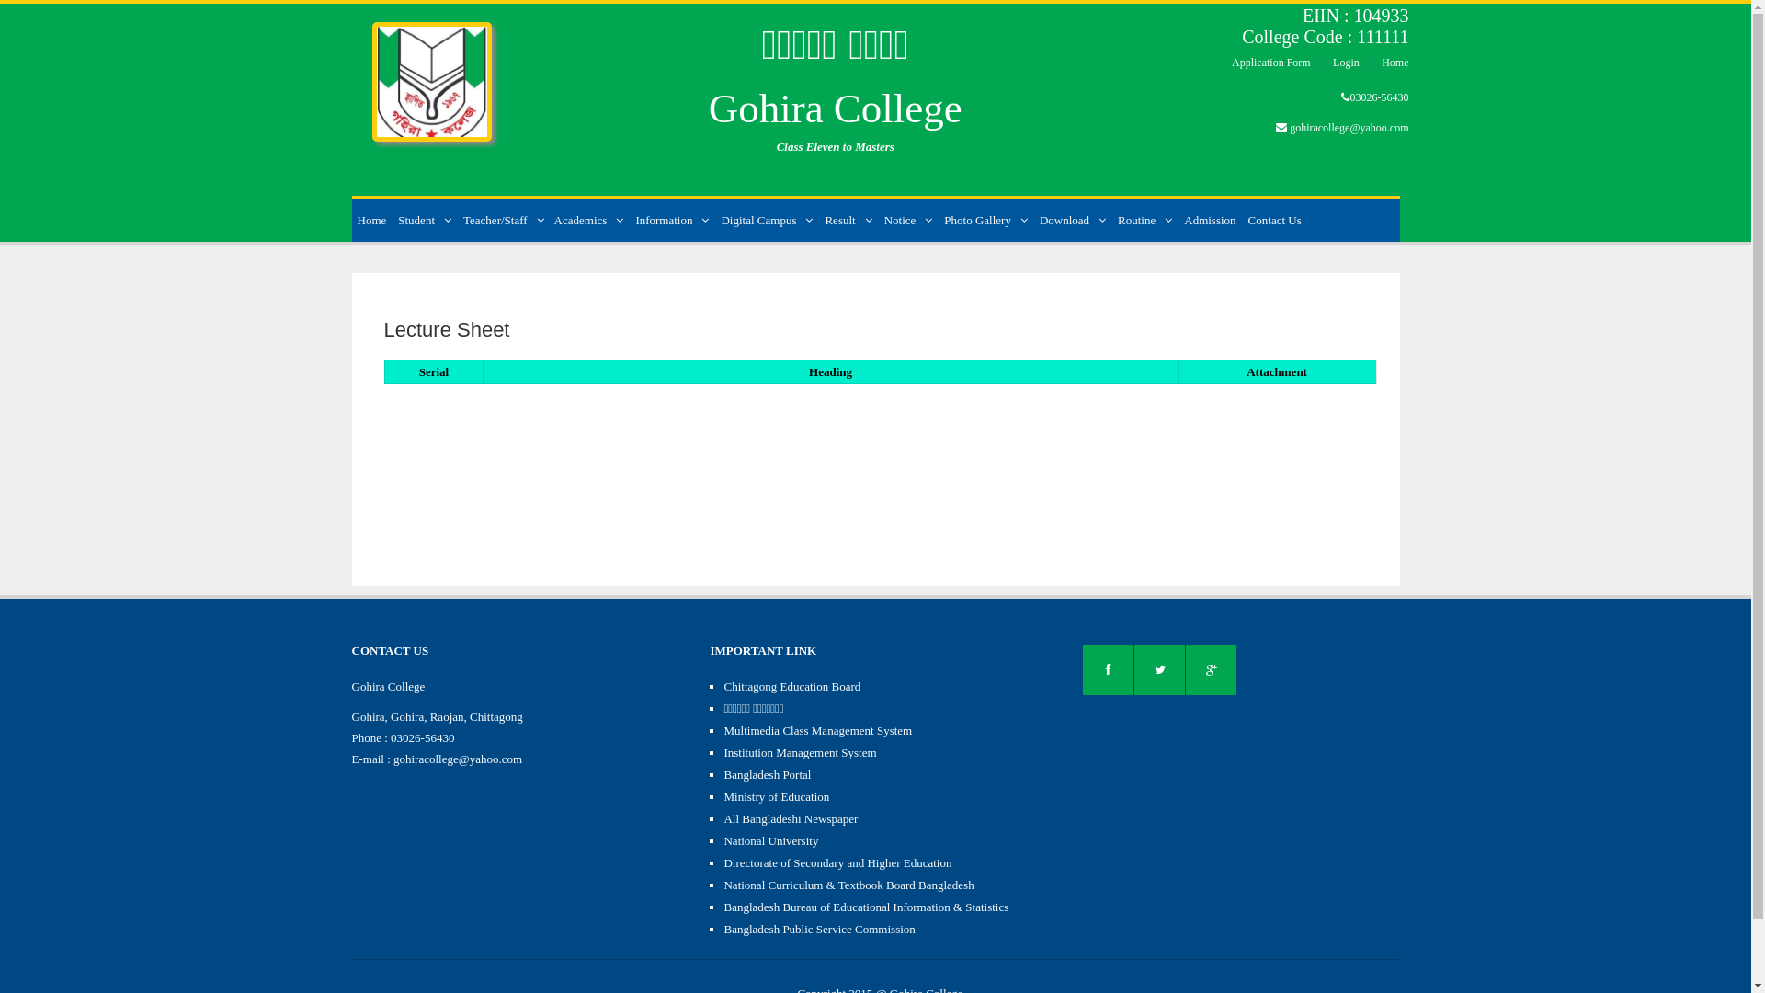  Describe the element at coordinates (1209, 219) in the screenshot. I see `'Admission'` at that location.